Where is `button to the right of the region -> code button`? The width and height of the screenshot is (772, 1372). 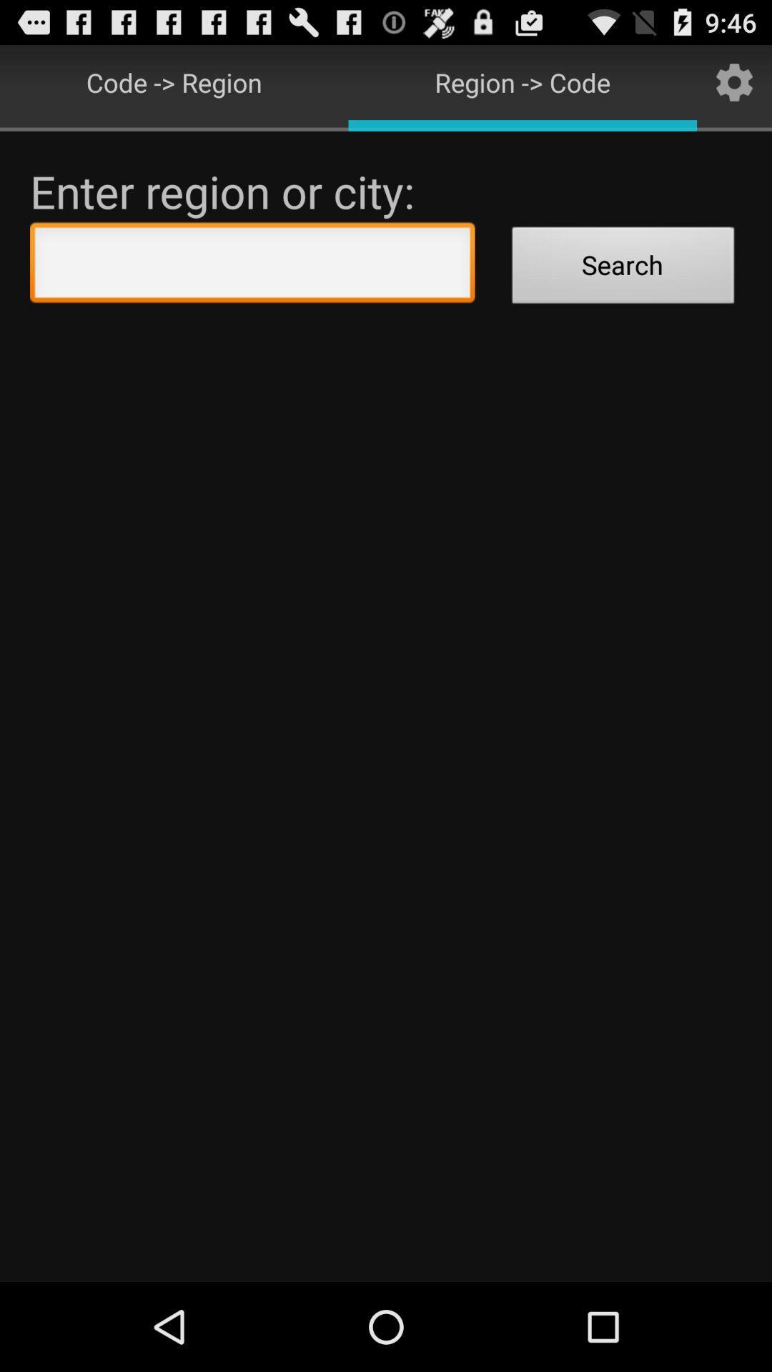 button to the right of the region -> code button is located at coordinates (734, 81).